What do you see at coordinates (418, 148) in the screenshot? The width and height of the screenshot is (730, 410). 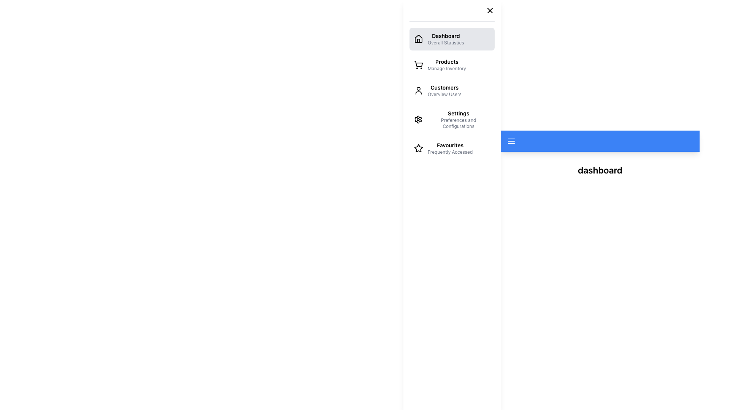 I see `the star-shaped icon associated with the 'Favourites' menu item located near the bottom of the application panel` at bounding box center [418, 148].